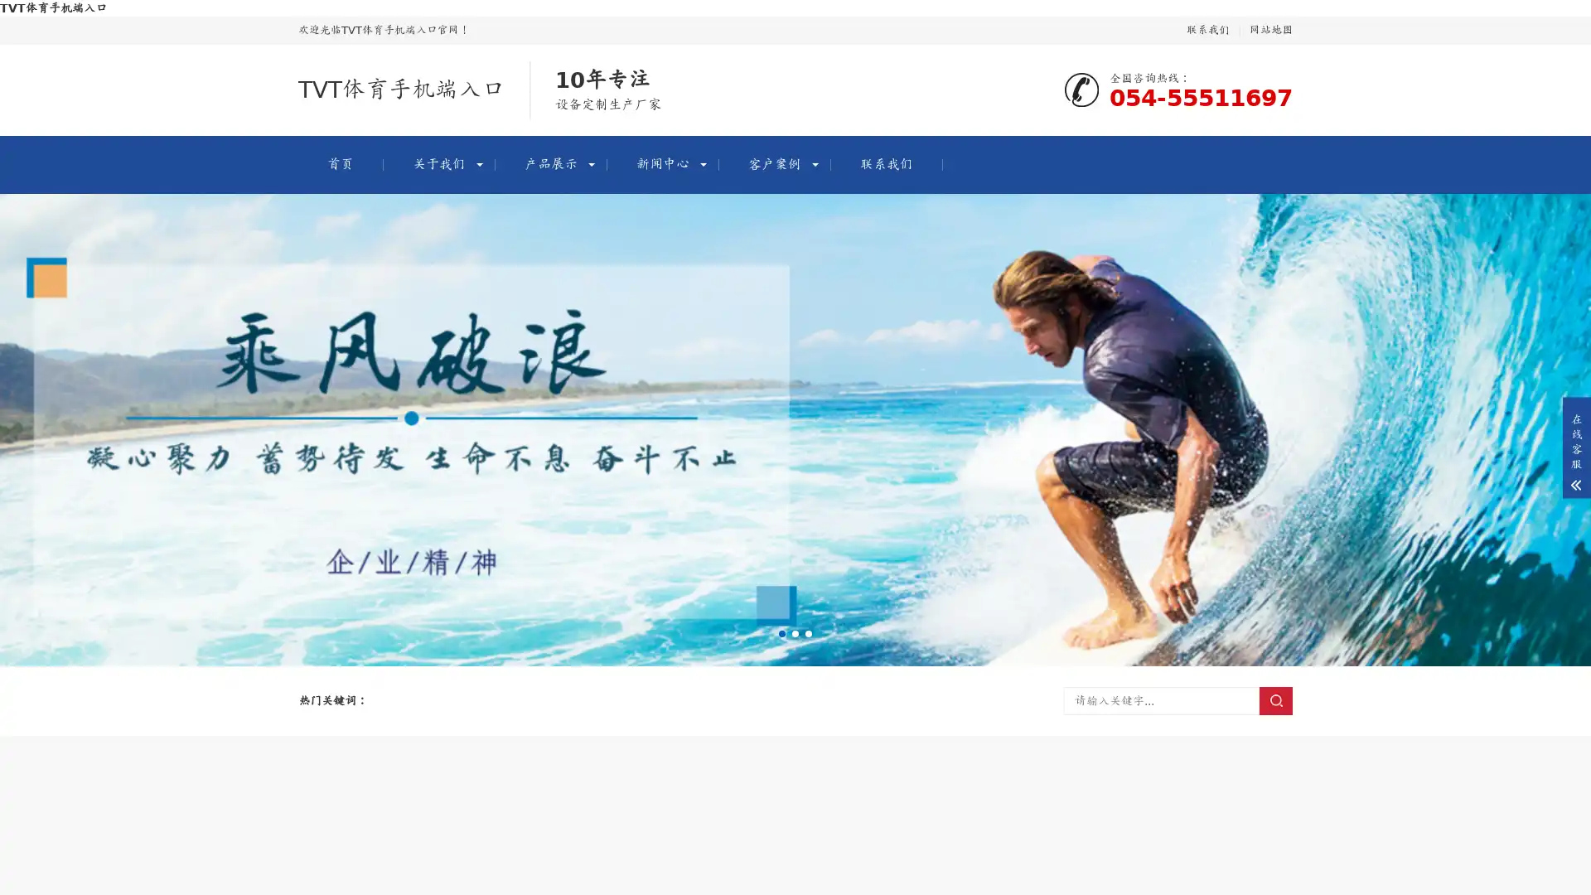  What do you see at coordinates (795, 633) in the screenshot?
I see `Go to slide 2` at bounding box center [795, 633].